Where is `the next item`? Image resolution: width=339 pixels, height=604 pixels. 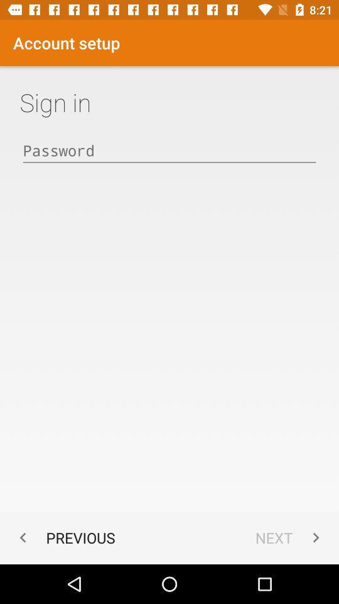 the next item is located at coordinates (290, 537).